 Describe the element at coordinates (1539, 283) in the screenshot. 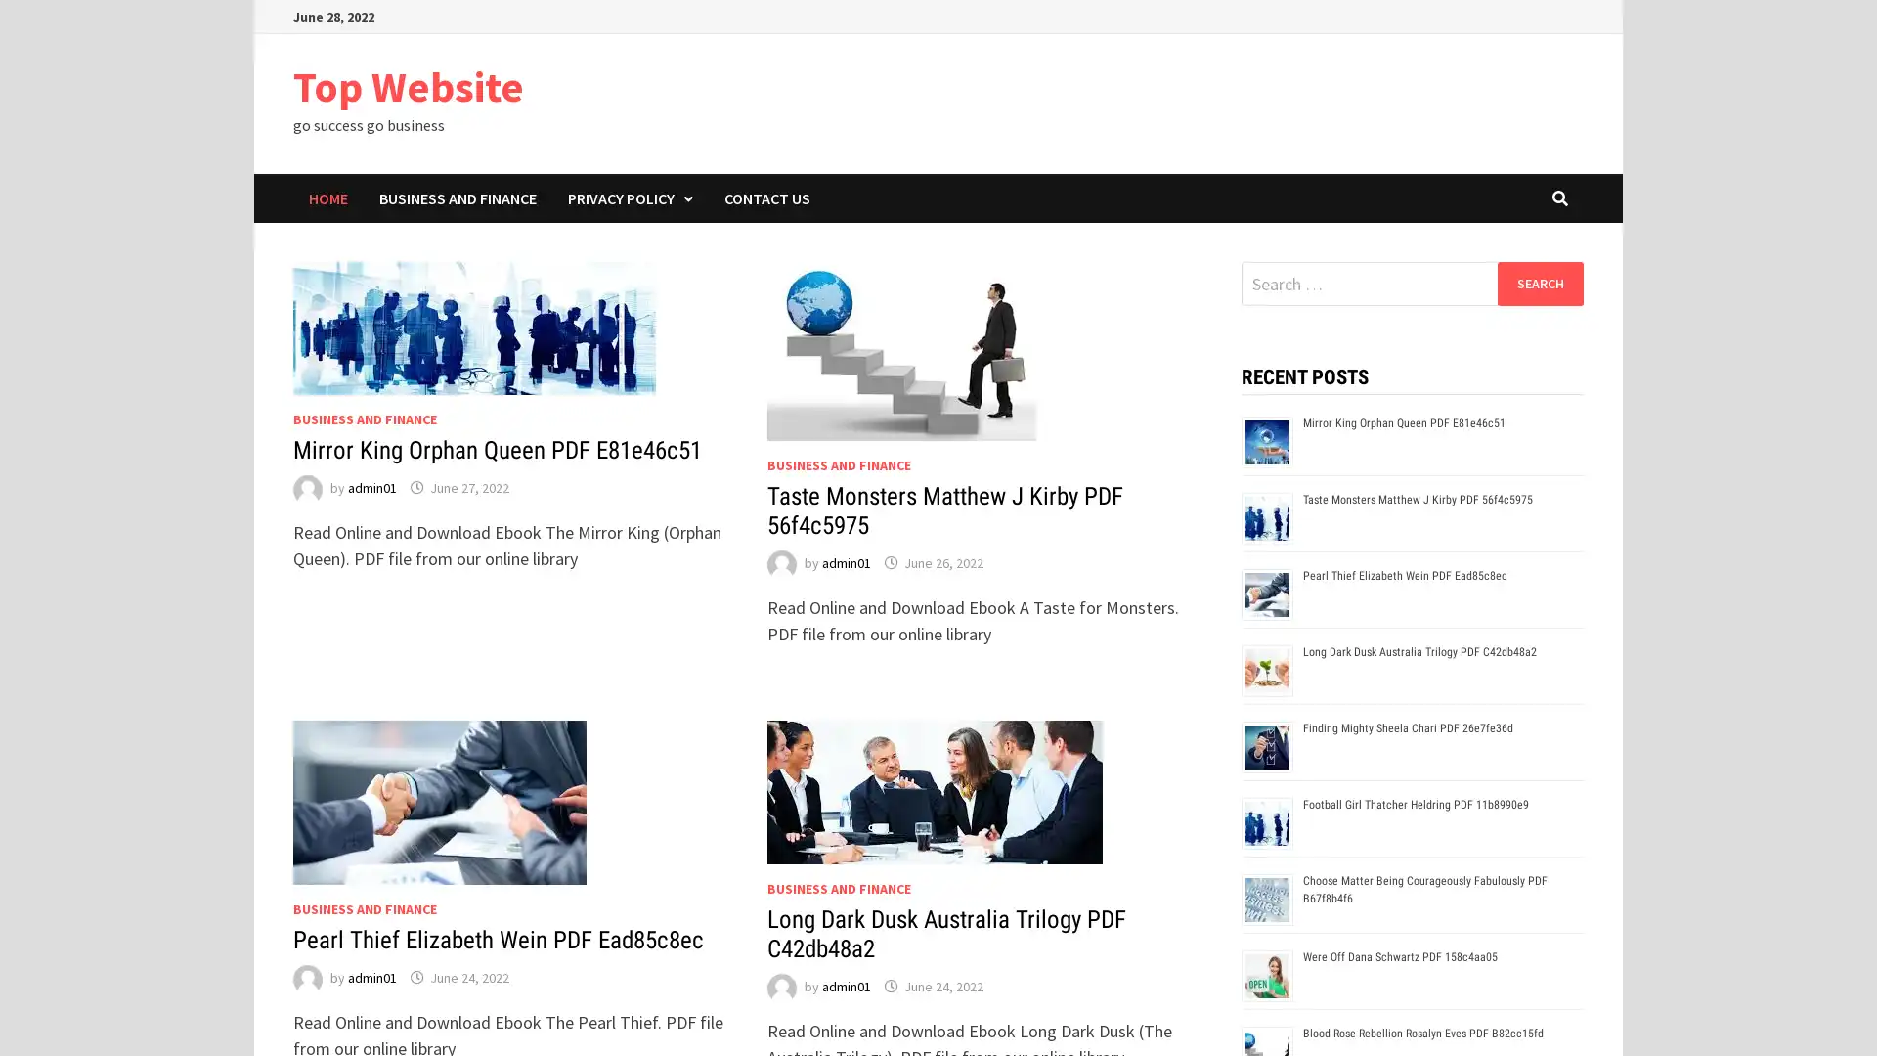

I see `Search` at that location.